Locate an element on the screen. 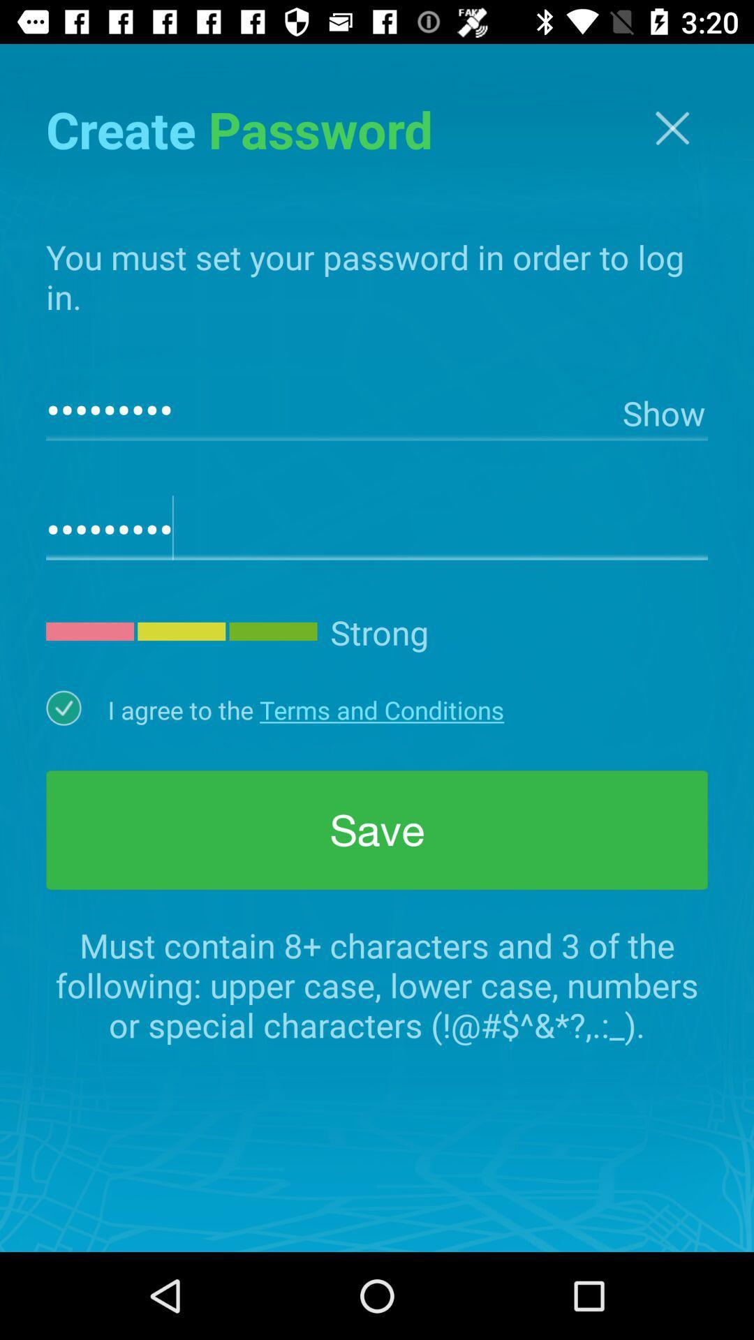 This screenshot has height=1340, width=754. exit is located at coordinates (672, 128).